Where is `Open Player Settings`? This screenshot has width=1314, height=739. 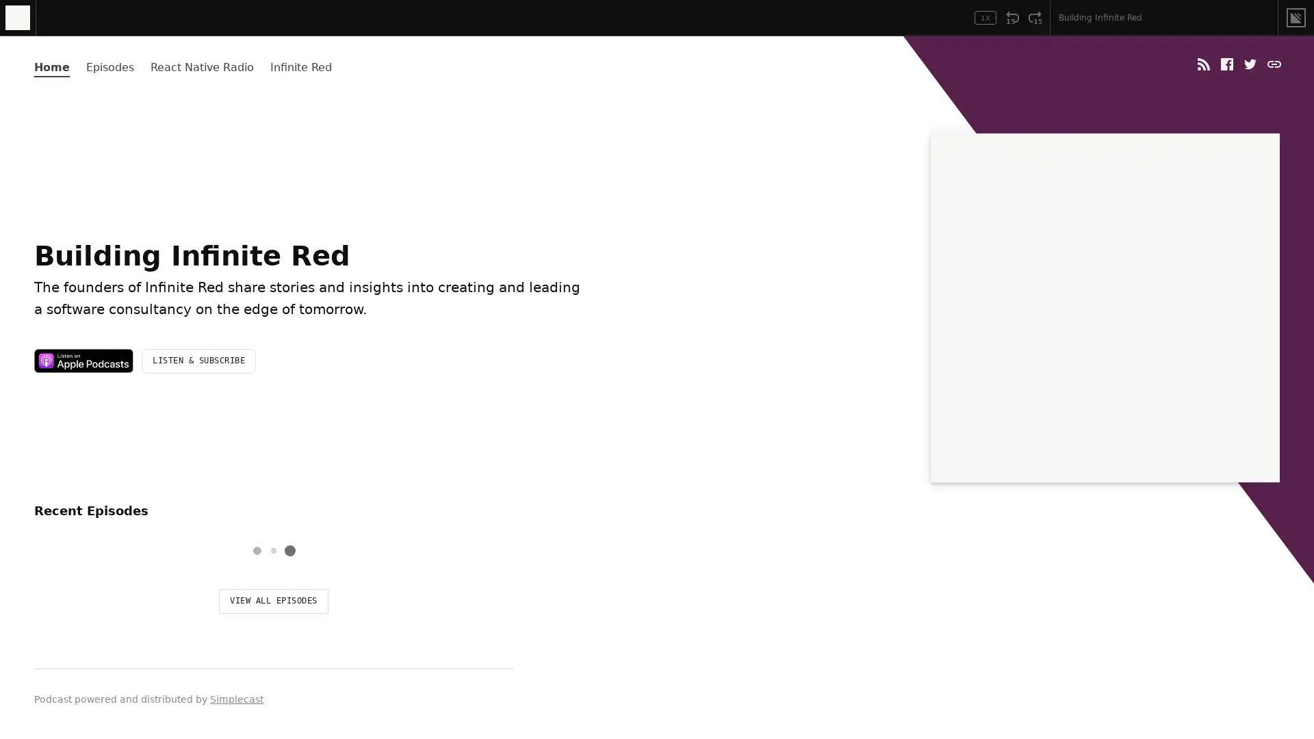 Open Player Settings is located at coordinates (946, 18).